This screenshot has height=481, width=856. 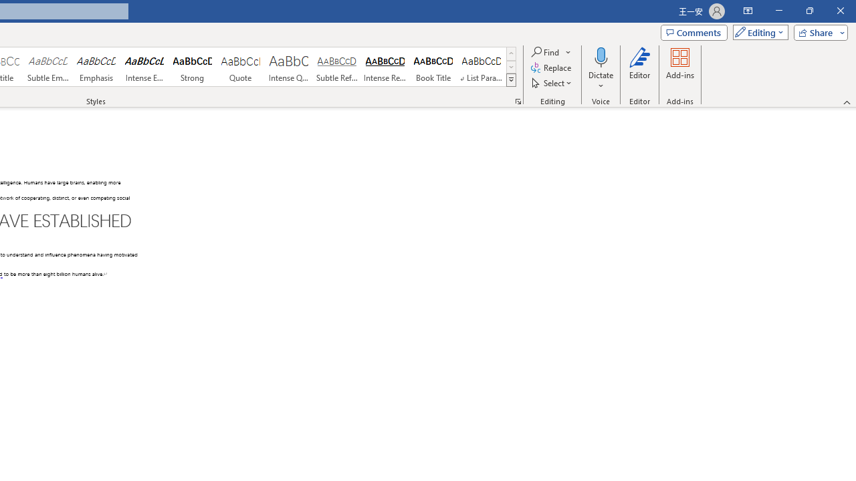 I want to click on 'Subtle Reference', so click(x=337, y=67).